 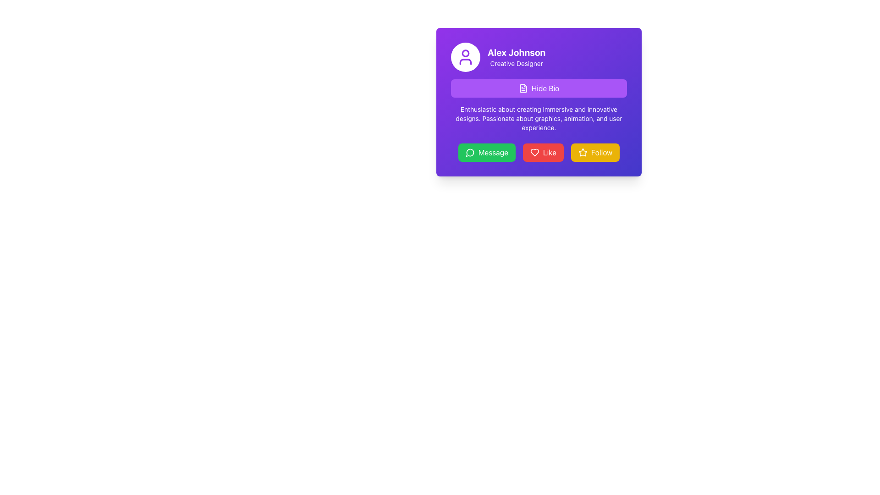 I want to click on the leftmost button with a green background and a white speech bubble icon labeled 'Message', so click(x=486, y=152).